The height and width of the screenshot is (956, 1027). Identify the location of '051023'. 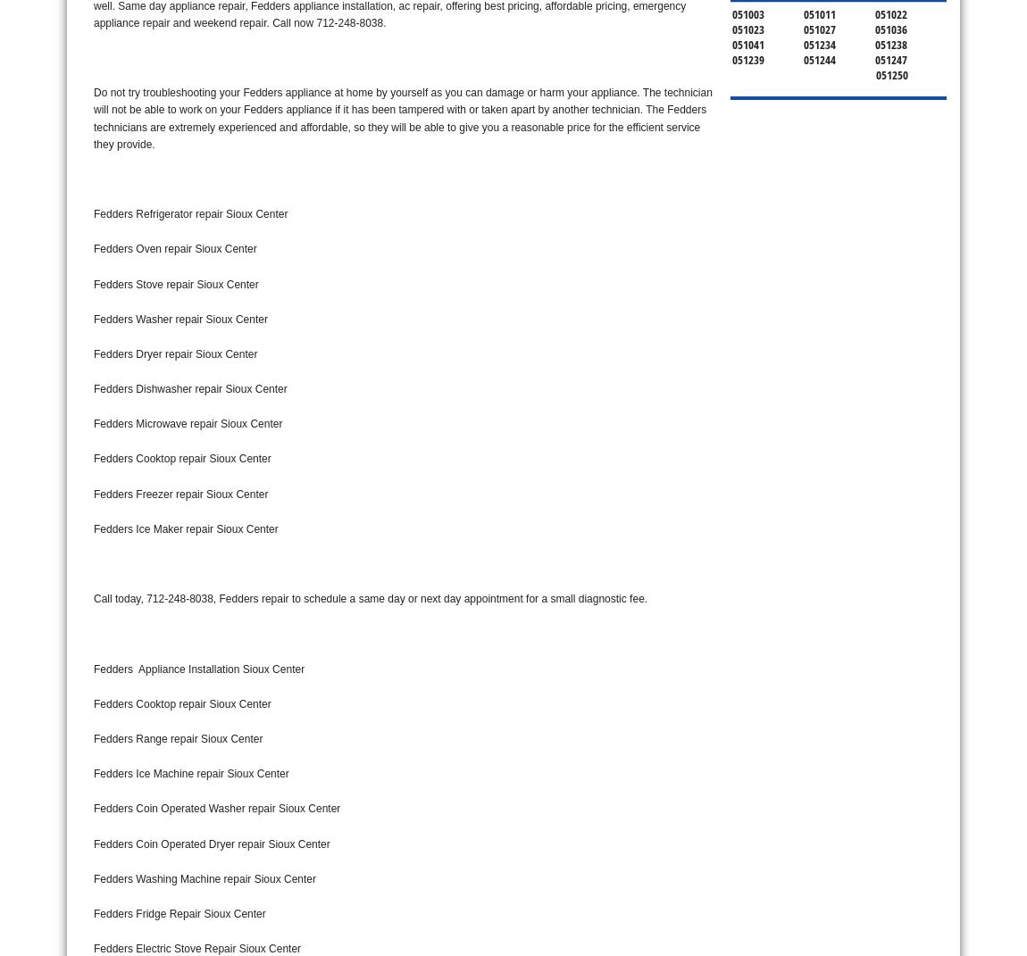
(746, 28).